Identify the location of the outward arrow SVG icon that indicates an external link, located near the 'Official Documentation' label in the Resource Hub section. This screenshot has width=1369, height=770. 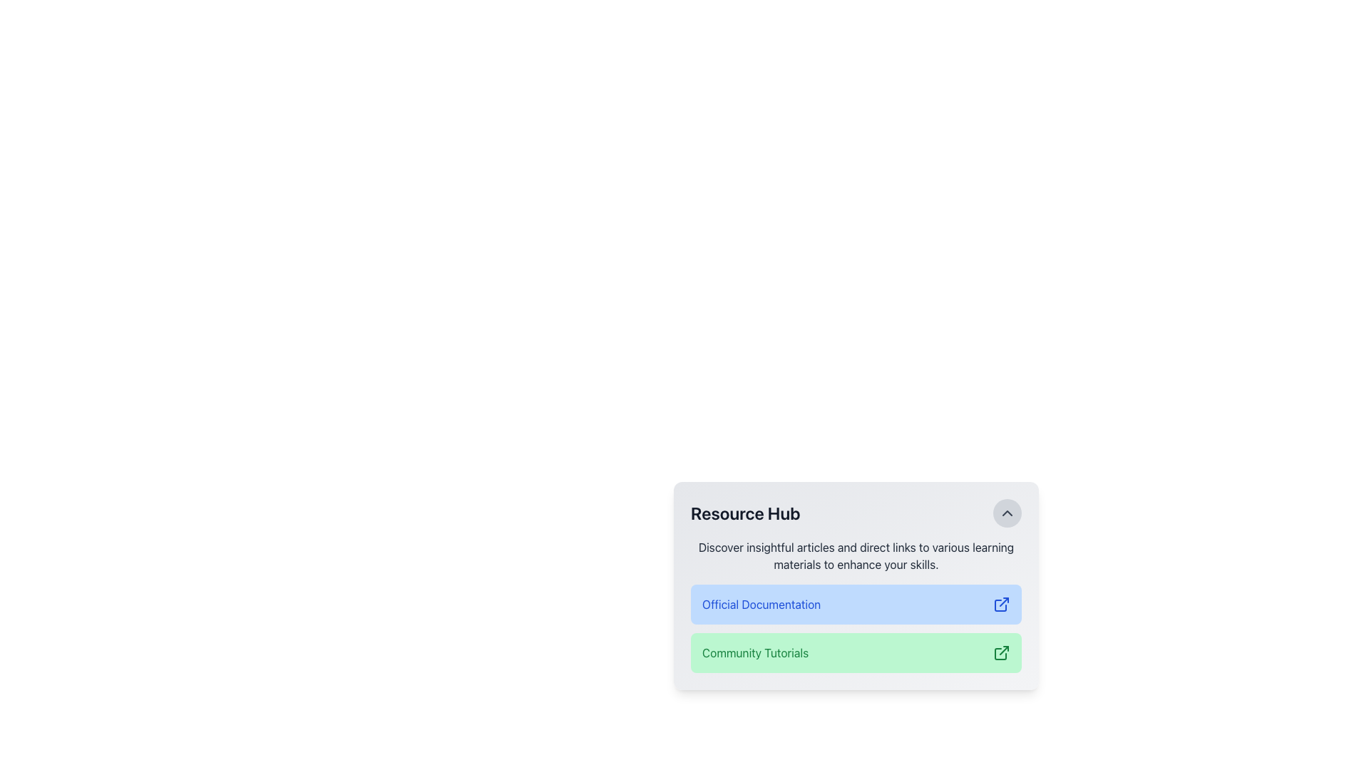
(1000, 605).